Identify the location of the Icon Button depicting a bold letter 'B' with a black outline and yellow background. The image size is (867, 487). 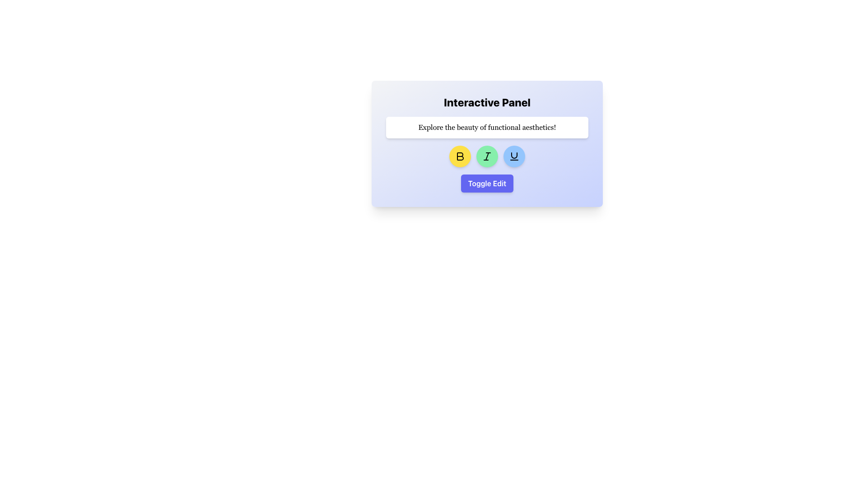
(460, 156).